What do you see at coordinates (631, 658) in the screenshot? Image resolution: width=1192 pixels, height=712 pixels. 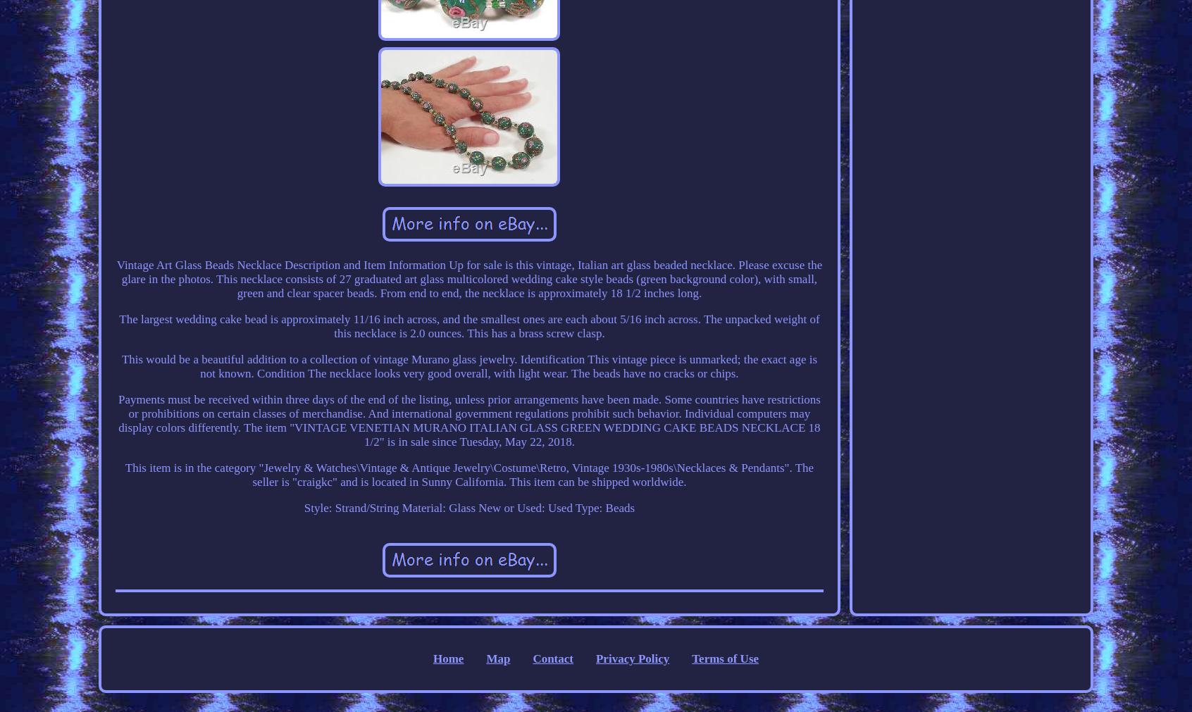 I see `'Privacy Policy'` at bounding box center [631, 658].